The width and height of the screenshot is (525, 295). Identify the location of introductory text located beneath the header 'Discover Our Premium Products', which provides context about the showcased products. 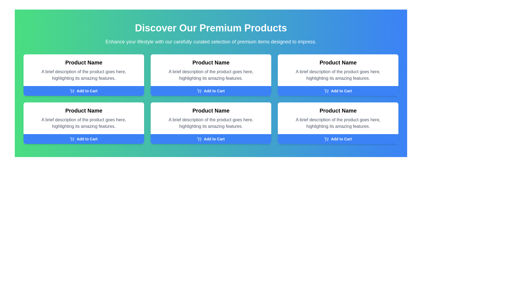
(211, 42).